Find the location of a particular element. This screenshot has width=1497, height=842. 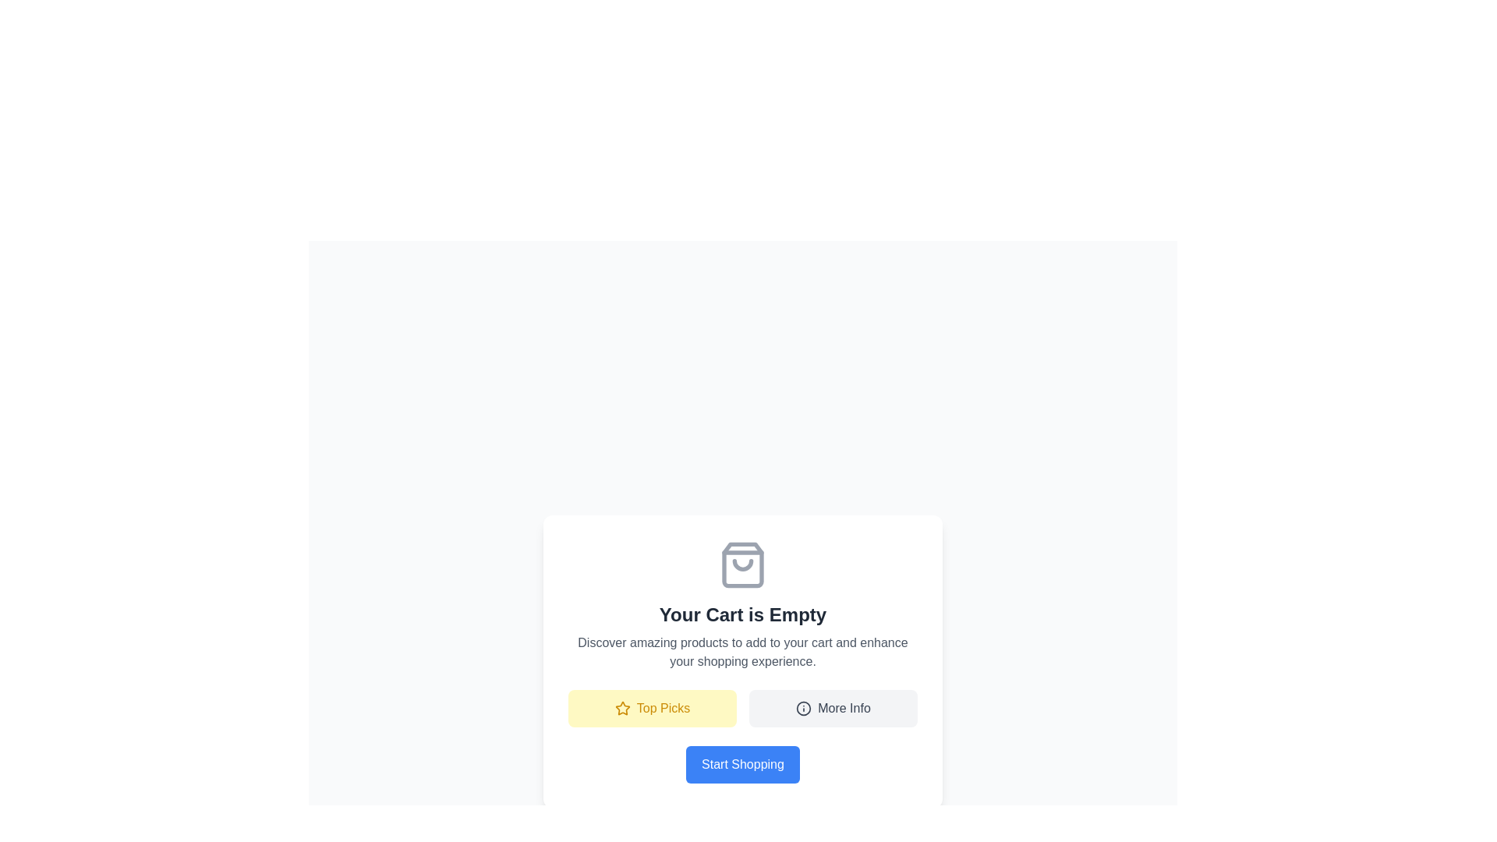

text block that explains 'Discover amazing products to add to your cart and enhance your shopping experience.' This text block is centered below the title 'Your Cart is Empty' and above the buttons 'Top Picks' and 'More Info' is located at coordinates (742, 653).